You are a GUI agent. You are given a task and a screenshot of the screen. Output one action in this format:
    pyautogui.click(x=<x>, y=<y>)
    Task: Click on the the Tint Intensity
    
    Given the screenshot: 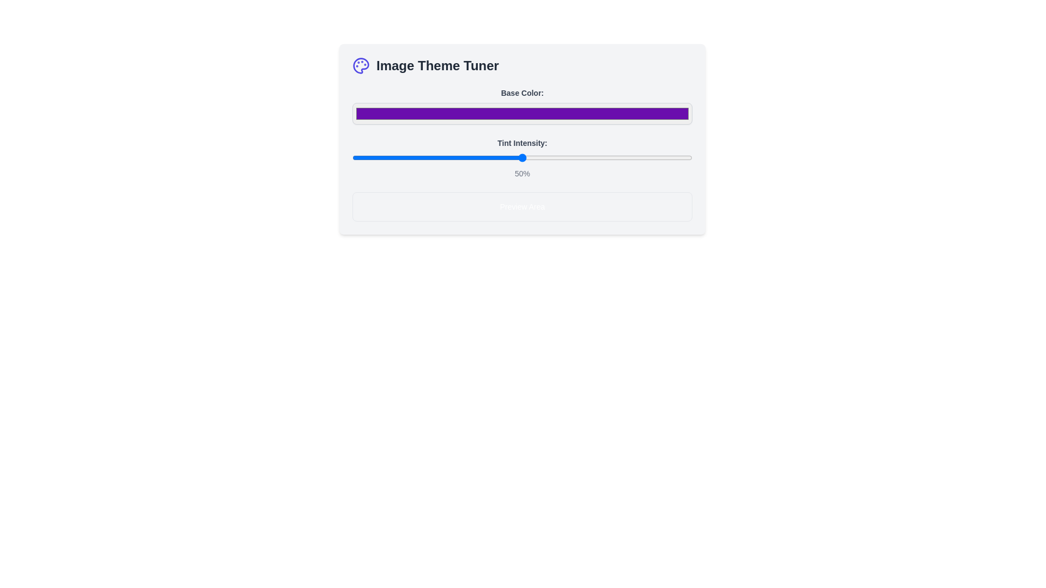 What is the action you would take?
    pyautogui.click(x=366, y=157)
    